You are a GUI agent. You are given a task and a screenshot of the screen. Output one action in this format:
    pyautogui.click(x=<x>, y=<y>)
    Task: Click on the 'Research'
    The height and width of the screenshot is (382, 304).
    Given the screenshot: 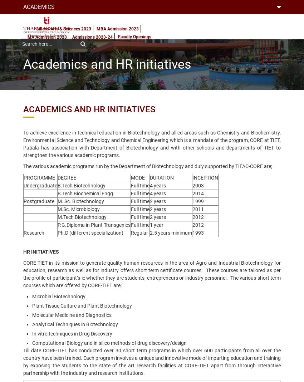 What is the action you would take?
    pyautogui.click(x=34, y=232)
    